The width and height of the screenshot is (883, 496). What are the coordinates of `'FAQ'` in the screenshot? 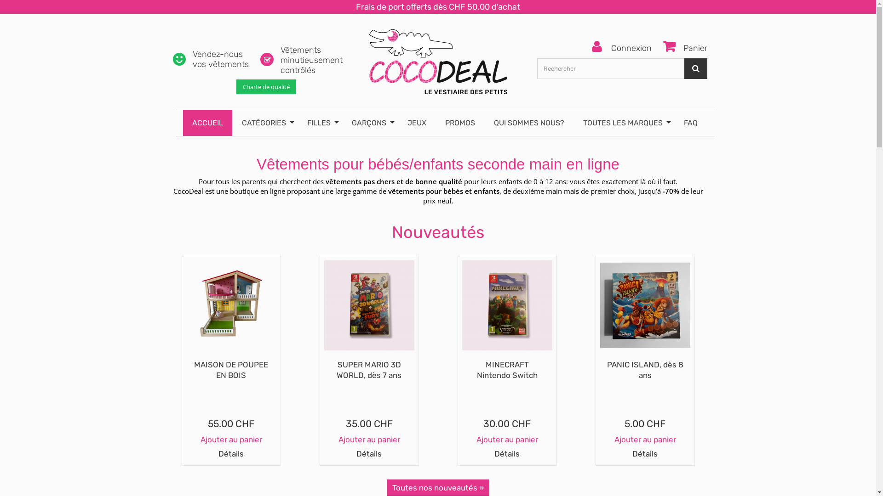 It's located at (690, 122).